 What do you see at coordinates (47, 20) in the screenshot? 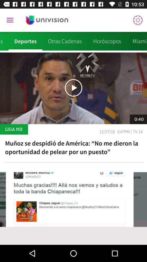
I see `univision` at bounding box center [47, 20].